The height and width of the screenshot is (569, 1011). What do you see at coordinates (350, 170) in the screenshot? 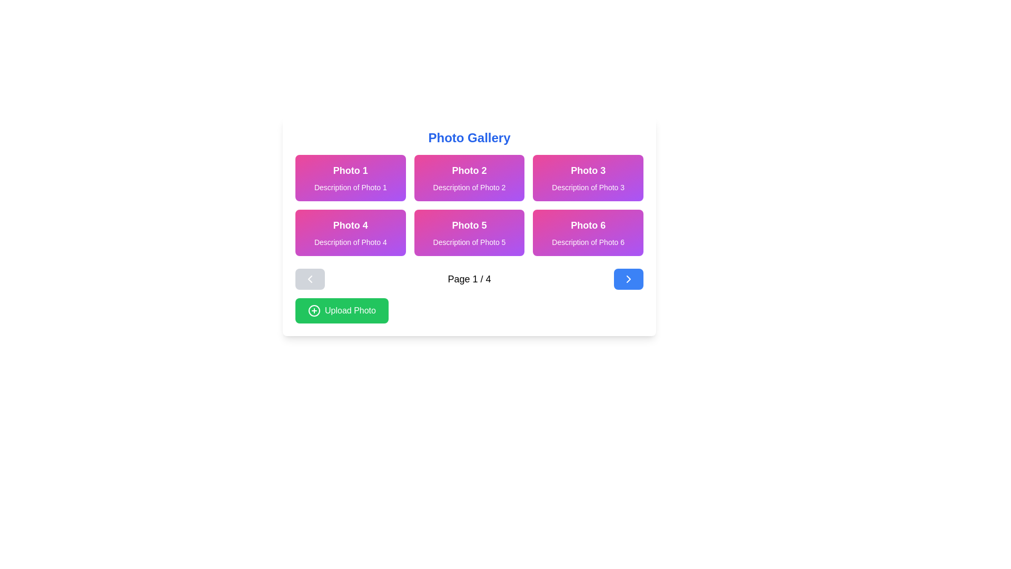
I see `the bold text label that reads 'Photo 1' positioned at the top-center of the first photo card in the gallery` at bounding box center [350, 170].